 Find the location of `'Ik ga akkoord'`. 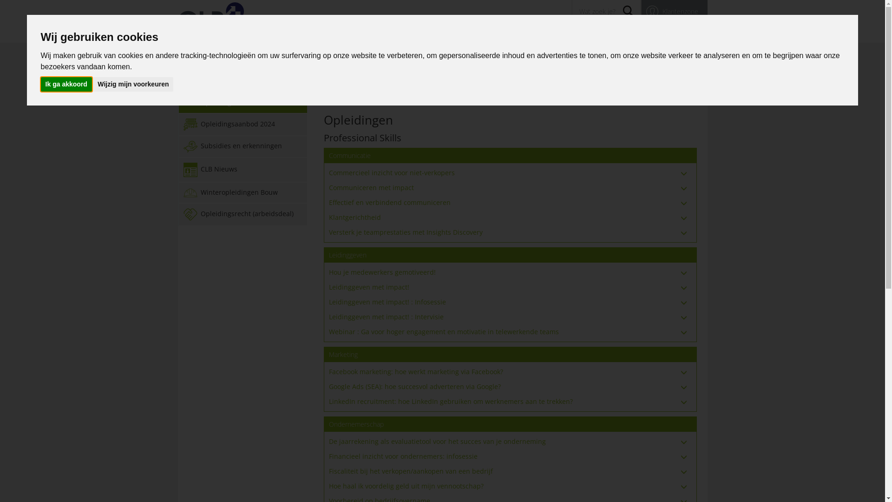

'Ik ga akkoord' is located at coordinates (40, 84).